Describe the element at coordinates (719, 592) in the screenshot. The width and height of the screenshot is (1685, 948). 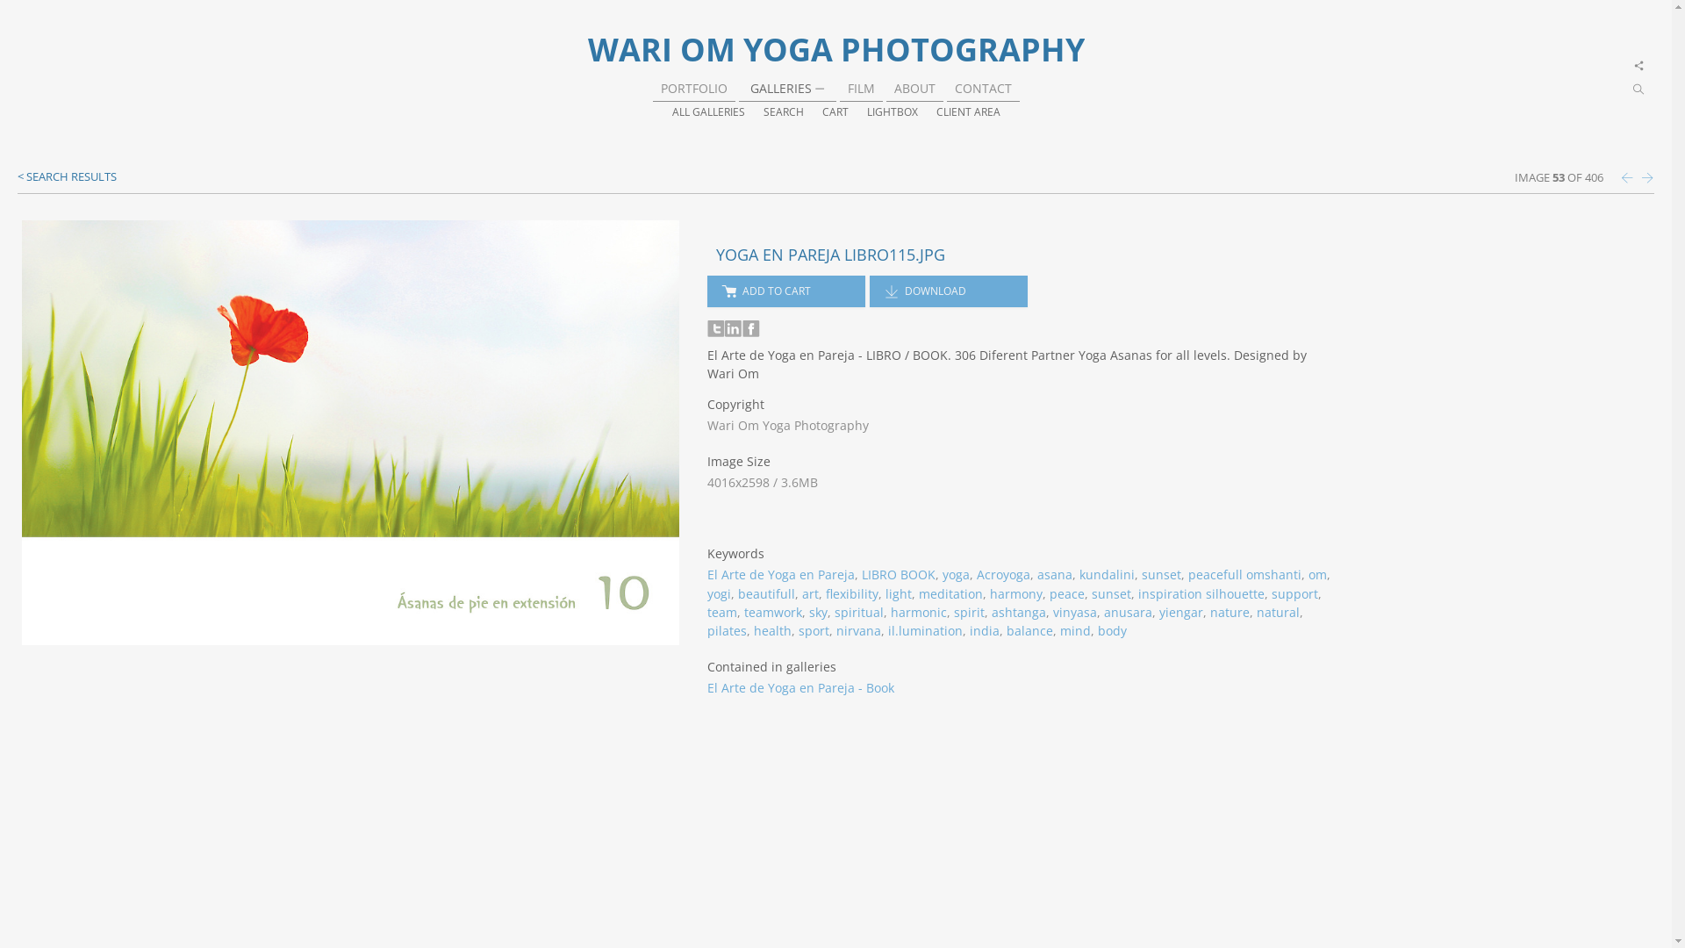
I see `'yogi'` at that location.